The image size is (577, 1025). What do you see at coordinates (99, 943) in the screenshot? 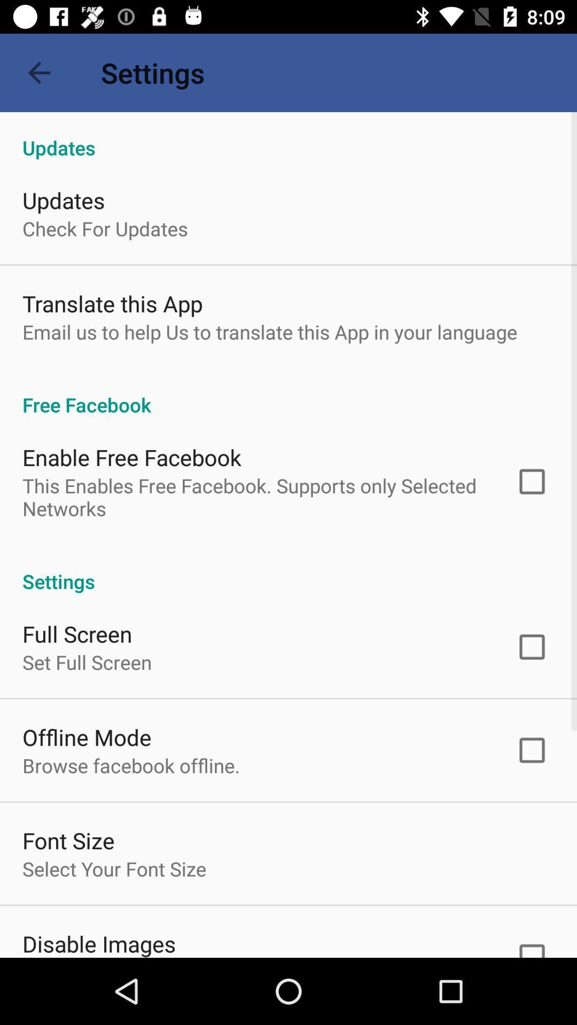
I see `disable images icon` at bounding box center [99, 943].